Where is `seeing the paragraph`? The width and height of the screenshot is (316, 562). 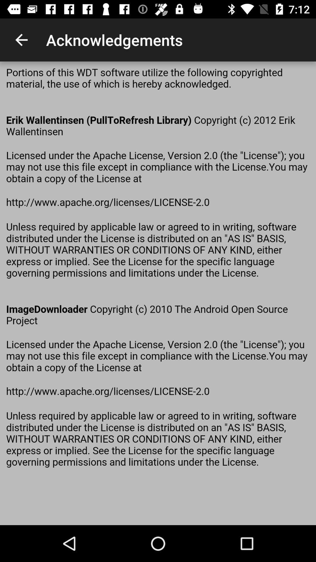 seeing the paragraph is located at coordinates (158, 293).